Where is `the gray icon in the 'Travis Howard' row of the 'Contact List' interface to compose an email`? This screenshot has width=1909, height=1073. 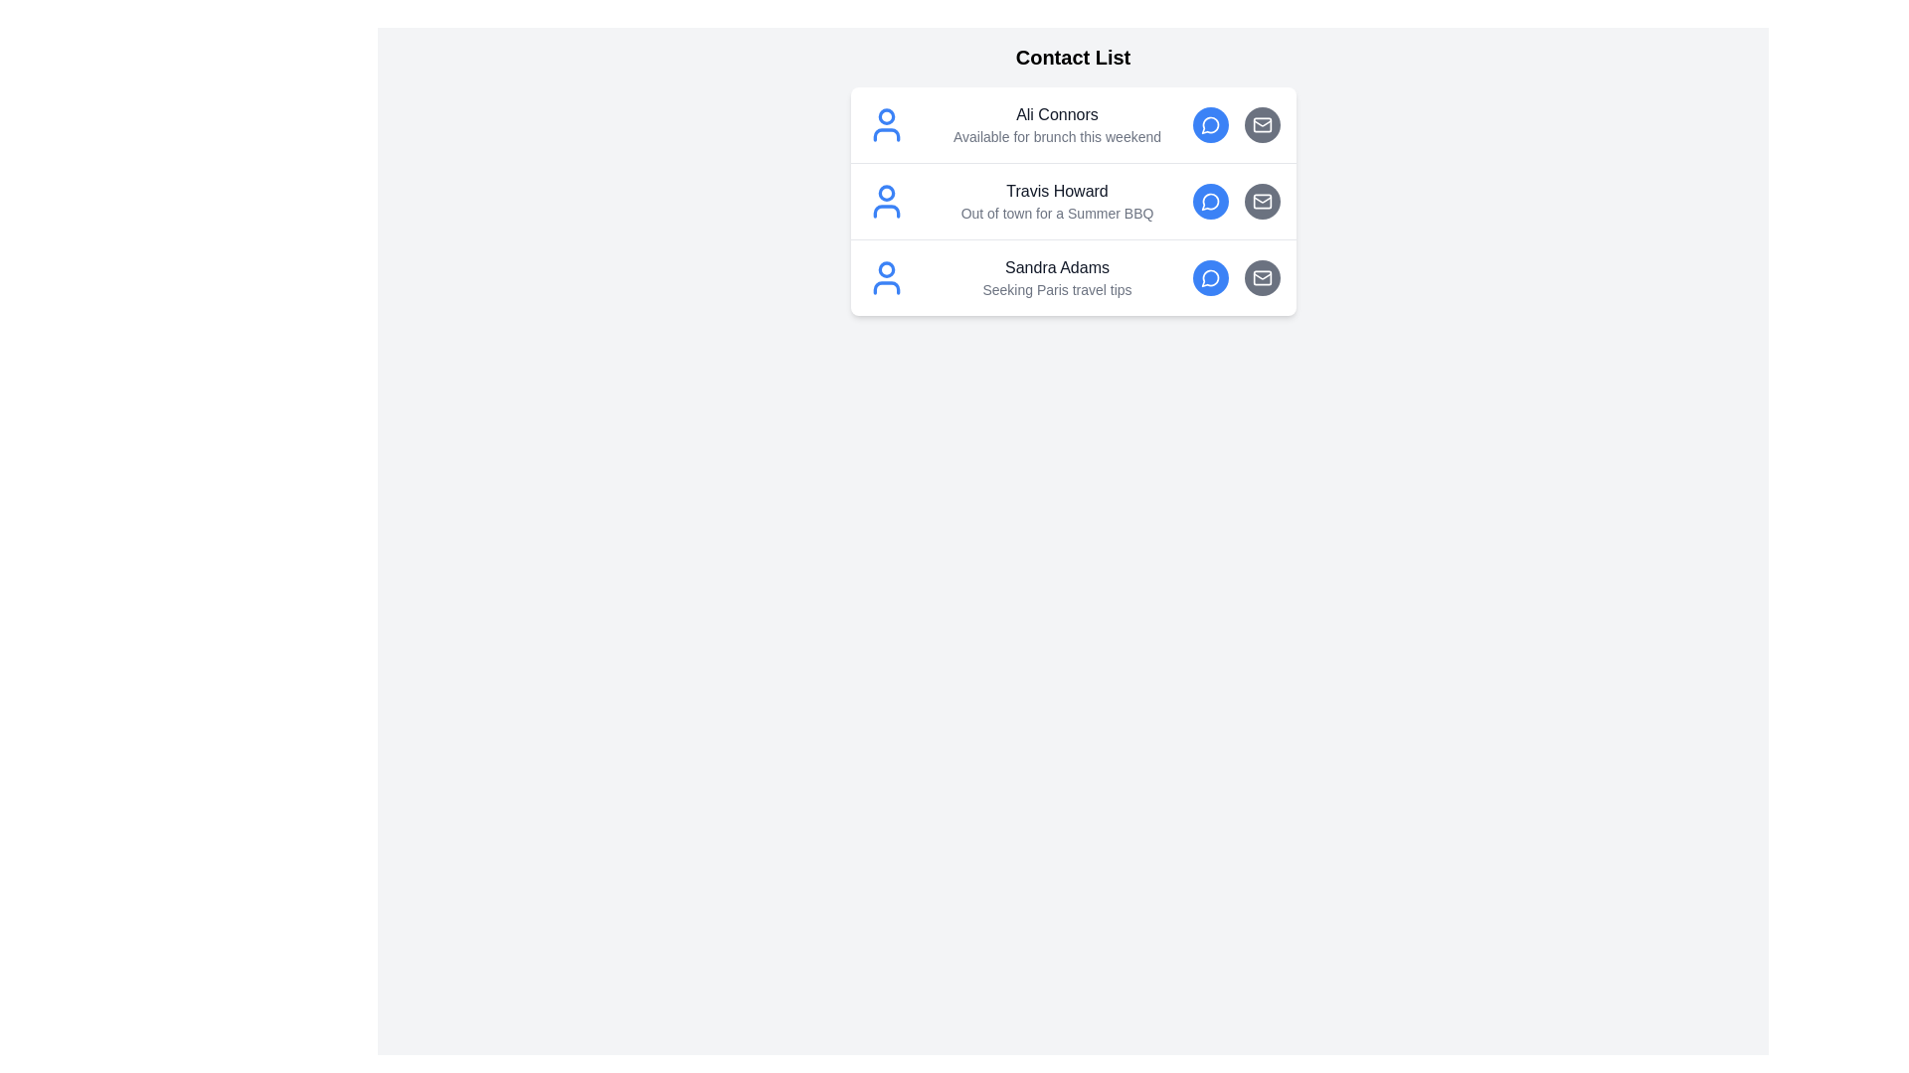
the gray icon in the 'Travis Howard' row of the 'Contact List' interface to compose an email is located at coordinates (1235, 202).